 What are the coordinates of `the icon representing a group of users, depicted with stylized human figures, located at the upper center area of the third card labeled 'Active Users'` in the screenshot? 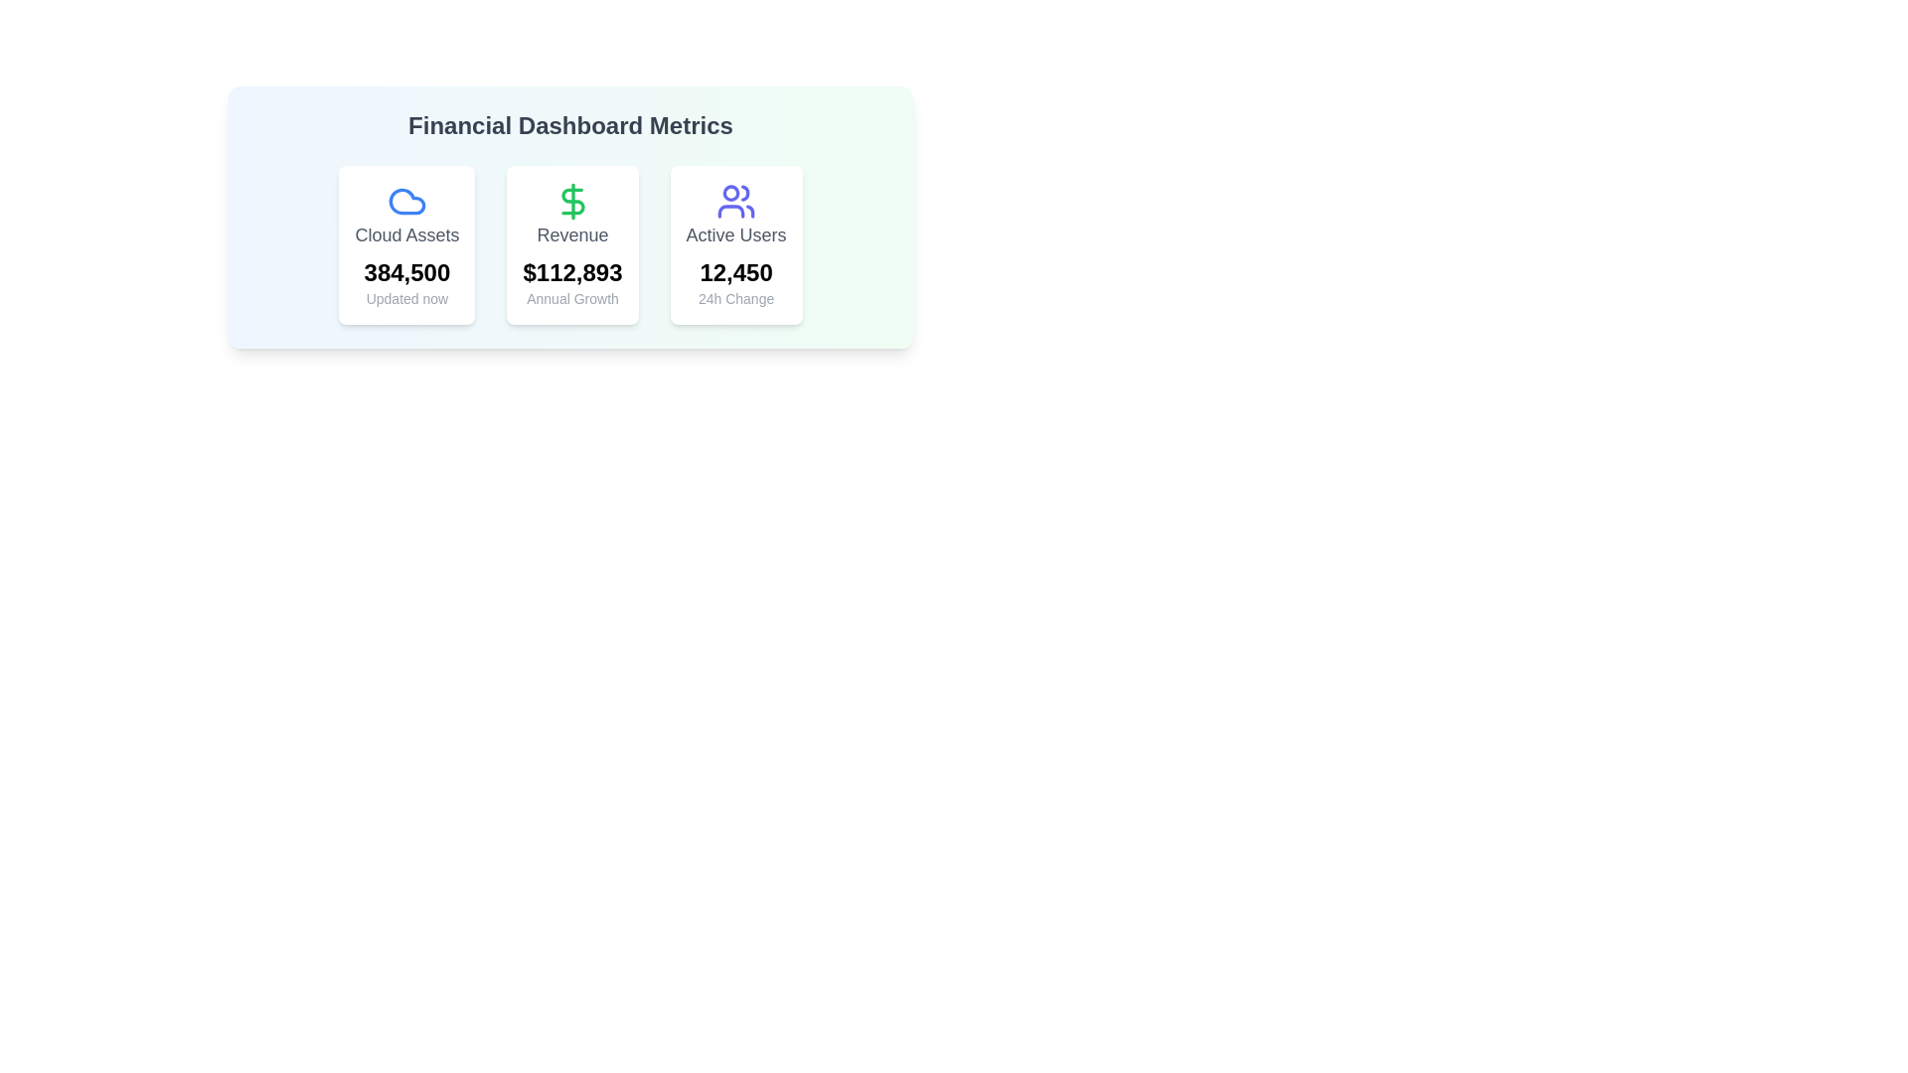 It's located at (735, 202).